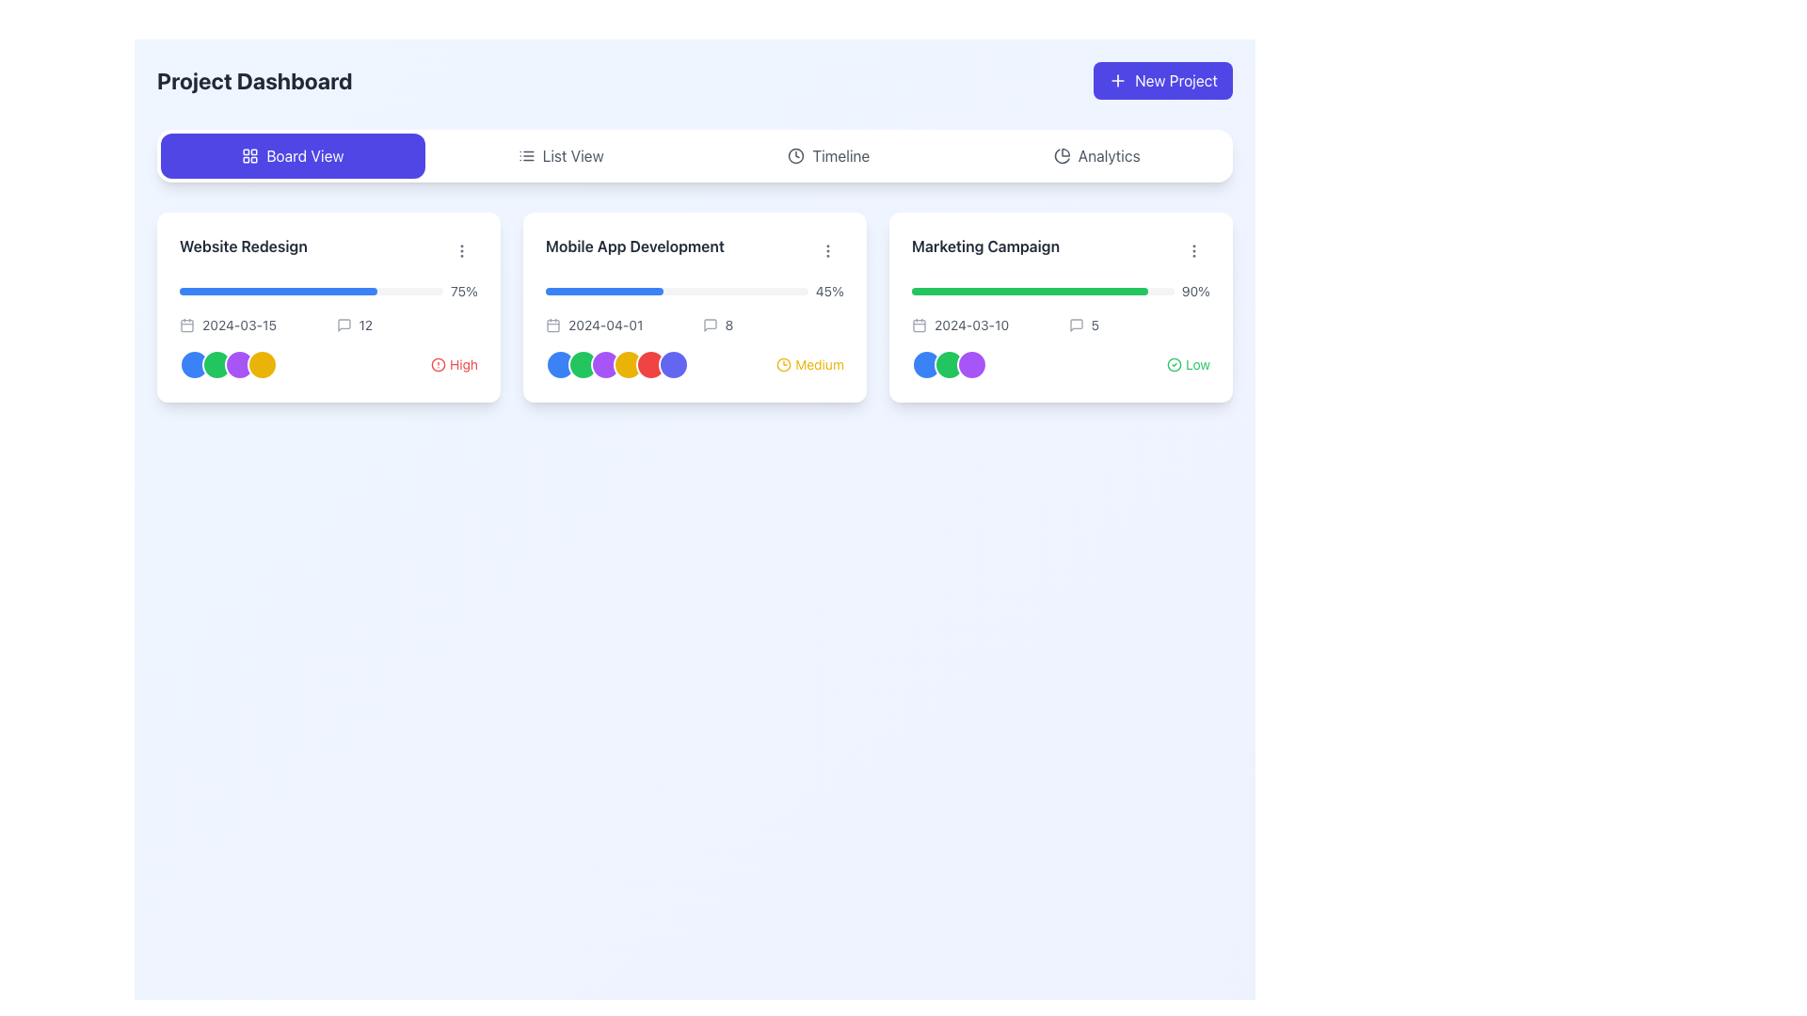 This screenshot has height=1016, width=1807. Describe the element at coordinates (810, 365) in the screenshot. I see `and use the information displayed on the 'Medium' priority label located in the bottom-right corner of the 'Mobile App Development' card on the dashboard` at that location.